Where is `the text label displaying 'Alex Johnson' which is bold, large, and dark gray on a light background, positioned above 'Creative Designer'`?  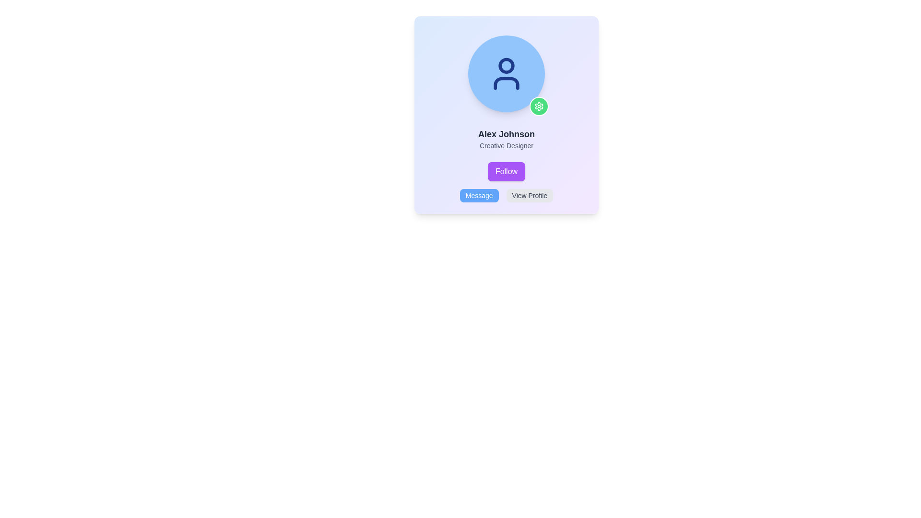 the text label displaying 'Alex Johnson' which is bold, large, and dark gray on a light background, positioned above 'Creative Designer' is located at coordinates (506, 134).